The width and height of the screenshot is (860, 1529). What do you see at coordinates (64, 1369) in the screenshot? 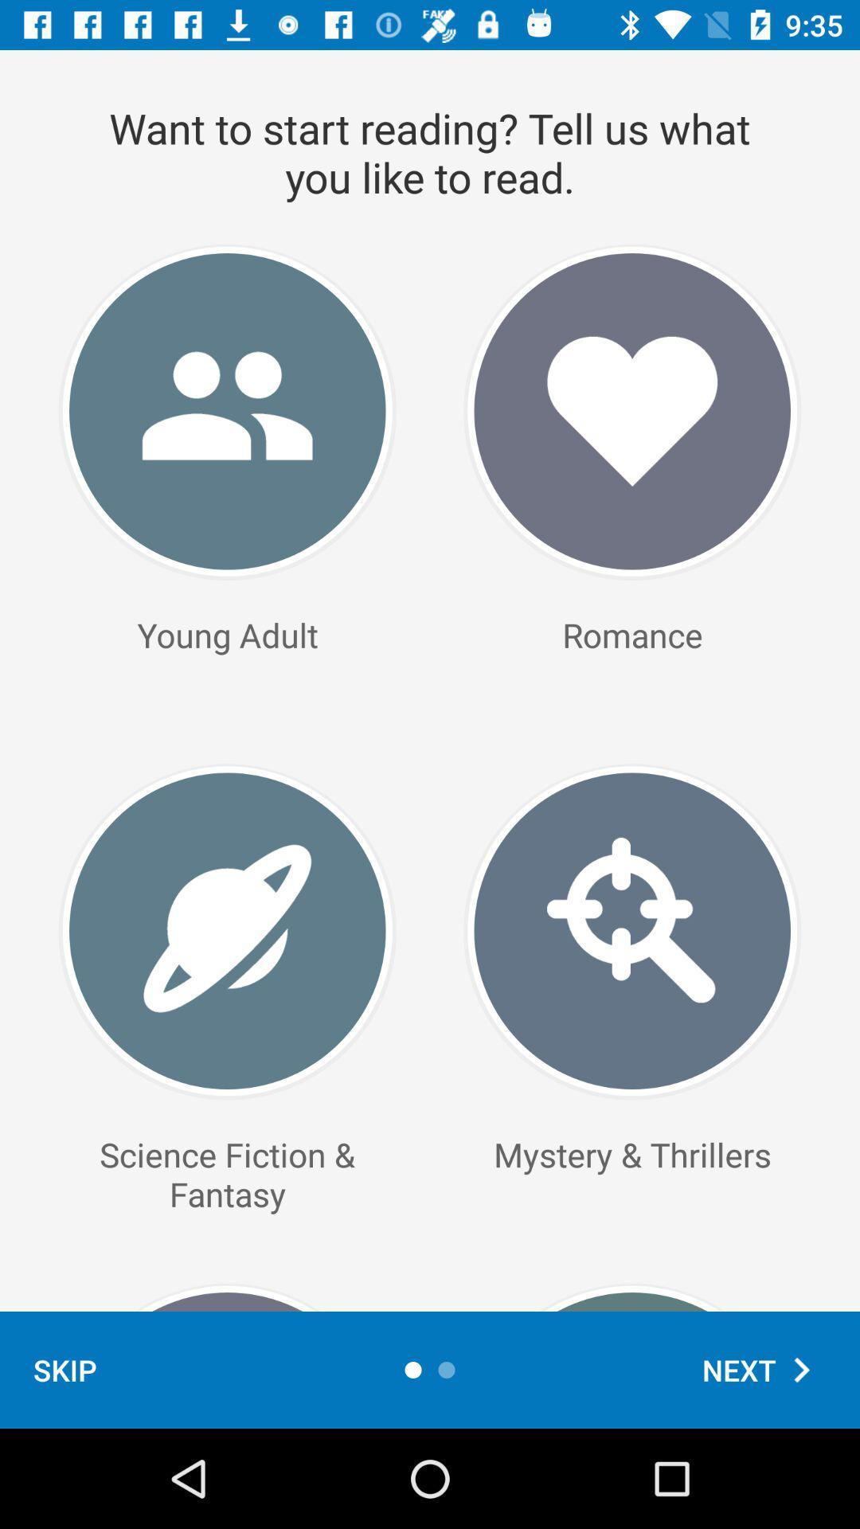
I see `skip icon` at bounding box center [64, 1369].